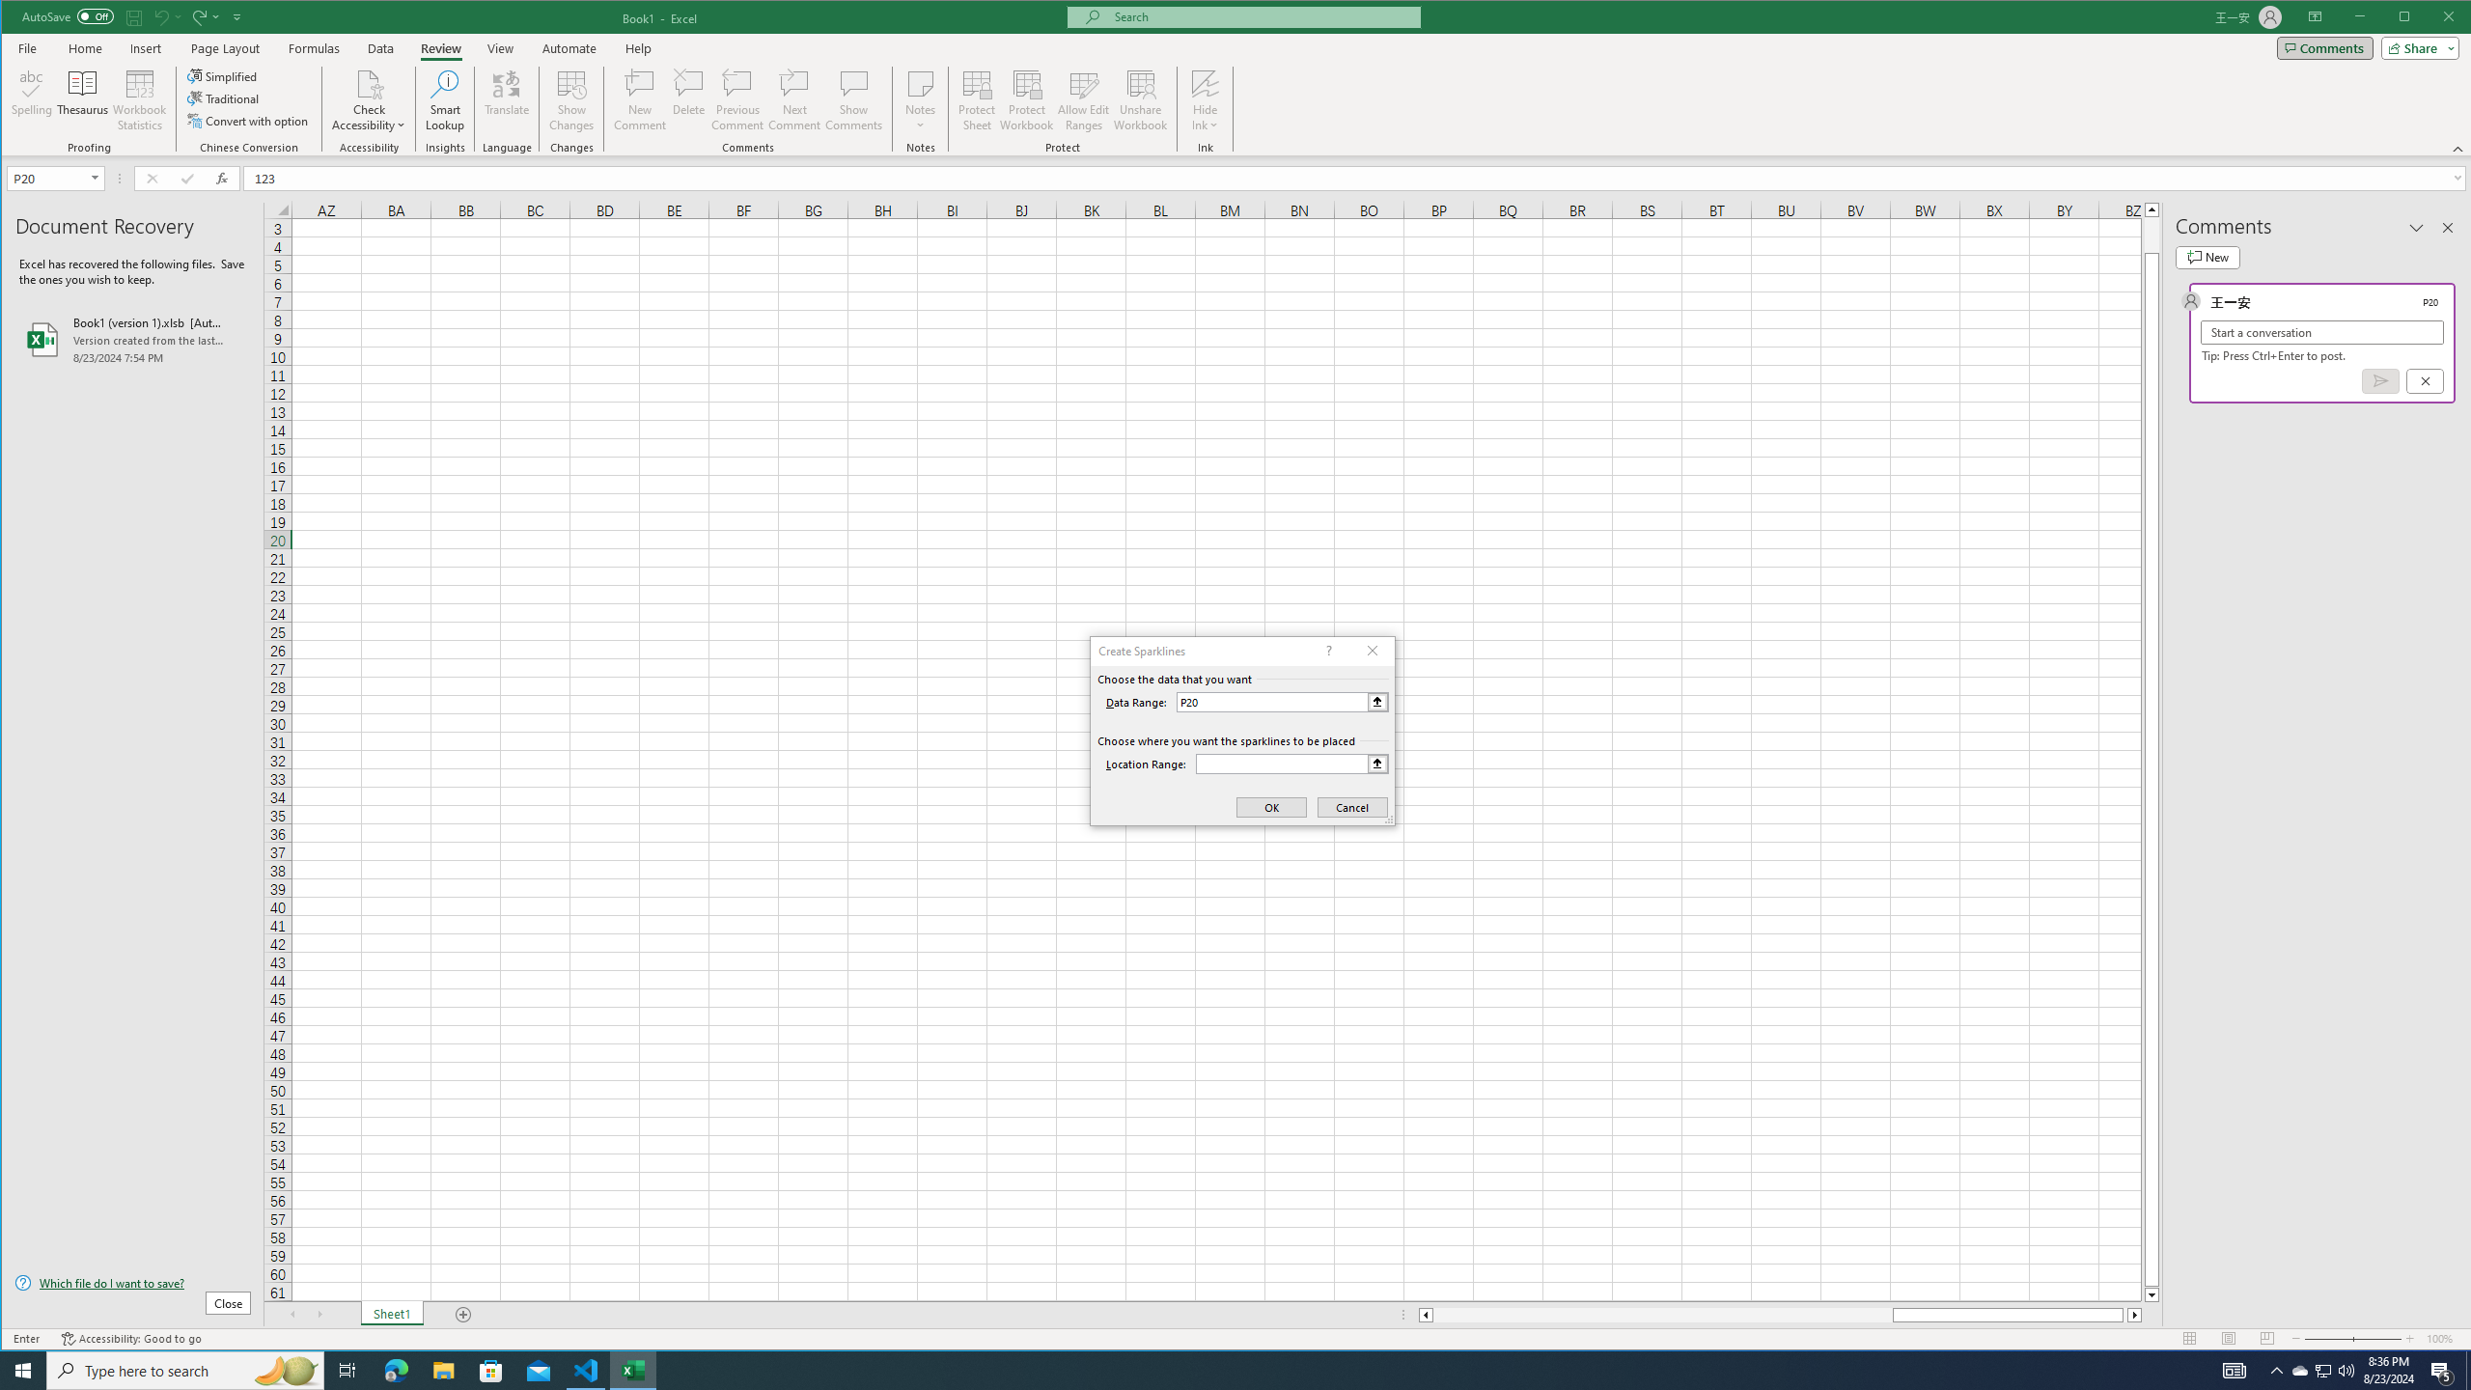  I want to click on 'Spelling...', so click(31, 99).